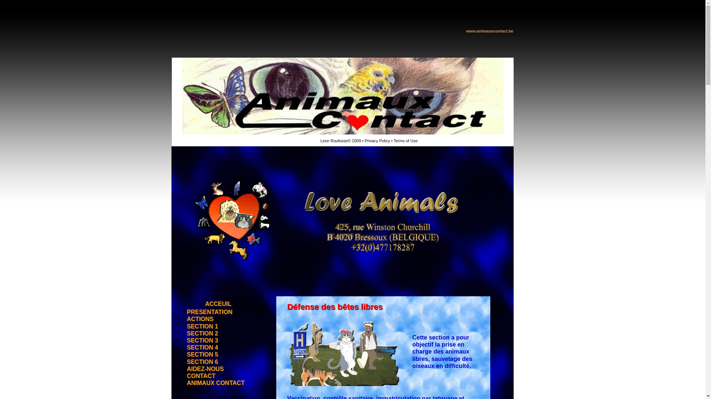  I want to click on 'Archives', so click(216, 214).